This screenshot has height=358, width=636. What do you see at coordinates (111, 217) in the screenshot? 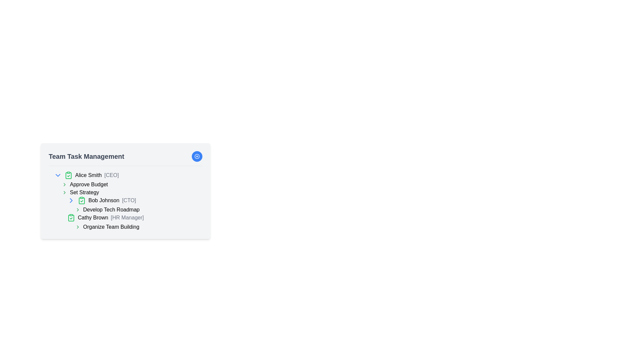
I see `the Text Label displaying 'Cathy Brown' with the role 'HR Manager', which is located in the 'Team Task Management' section, positioned between 'Bob Johnson [CTO]' and 'Organize Team Building'` at bounding box center [111, 217].